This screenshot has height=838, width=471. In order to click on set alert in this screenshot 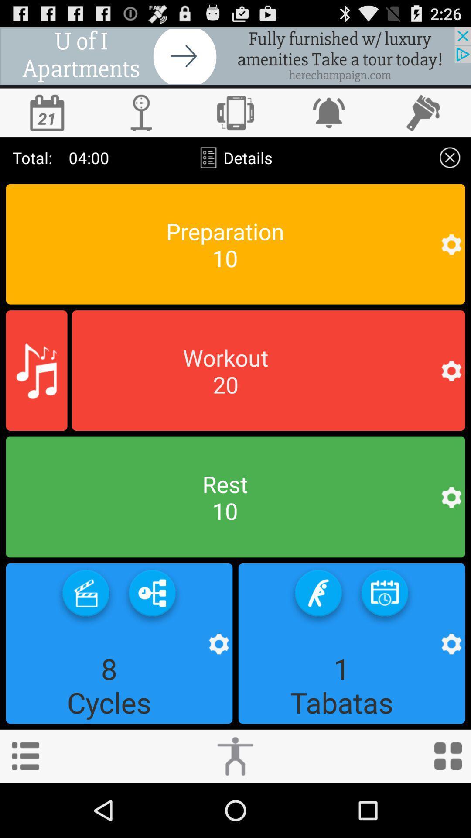, I will do `click(330, 112)`.